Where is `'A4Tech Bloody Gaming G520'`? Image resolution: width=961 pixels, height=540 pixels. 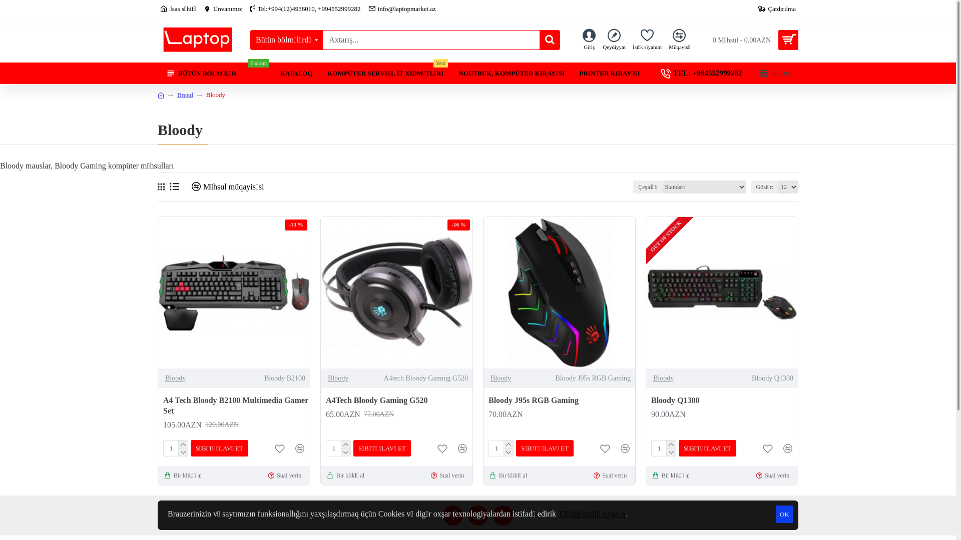 'A4Tech Bloody Gaming G520' is located at coordinates (376, 400).